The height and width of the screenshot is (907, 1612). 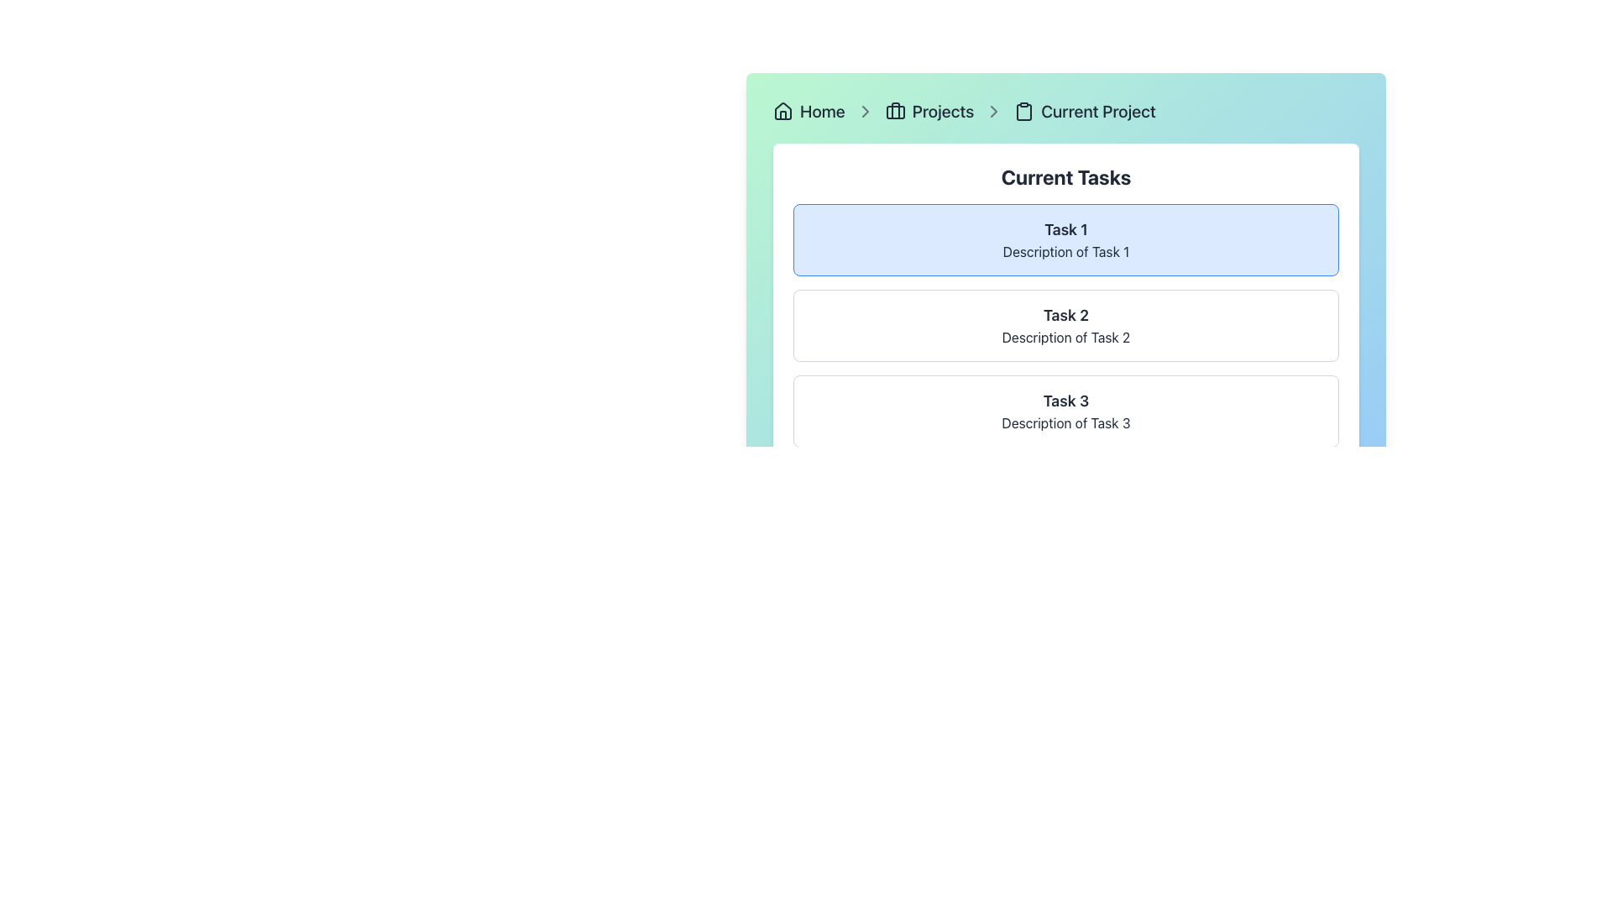 I want to click on any segment of the Breadcrumb bar, so click(x=1065, y=111).